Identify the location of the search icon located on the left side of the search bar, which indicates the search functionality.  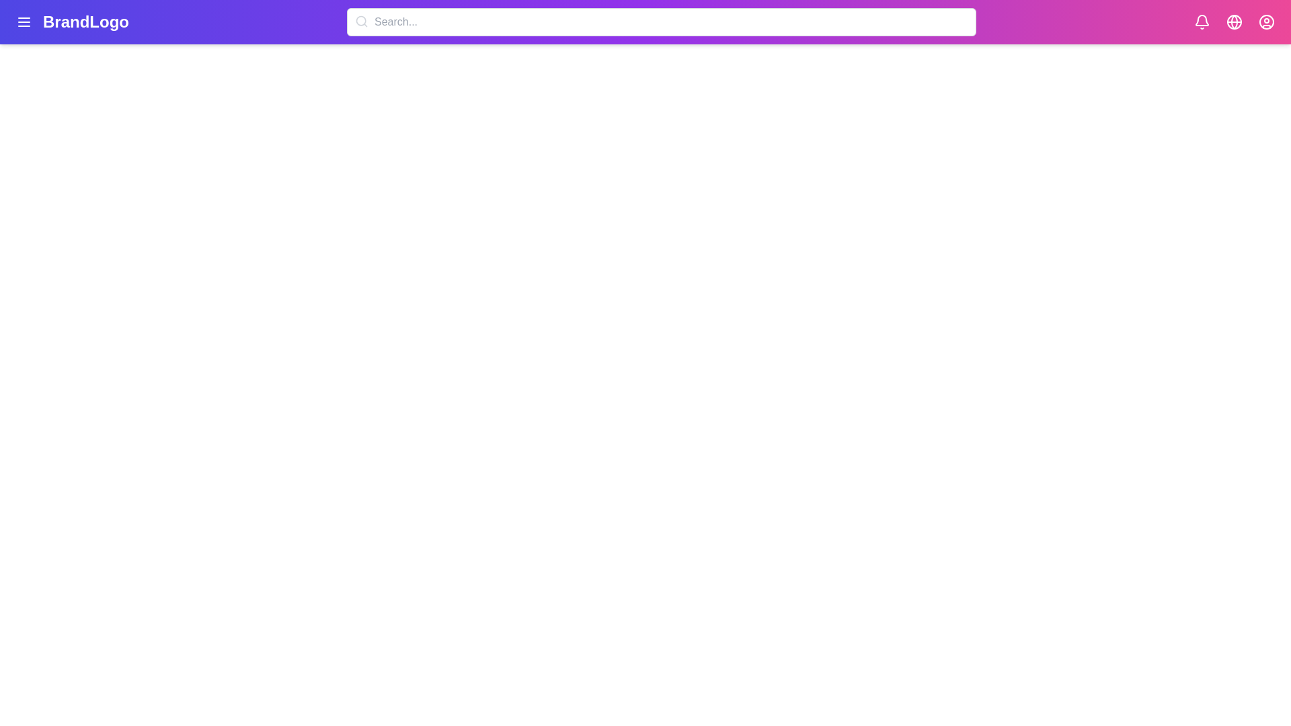
(361, 21).